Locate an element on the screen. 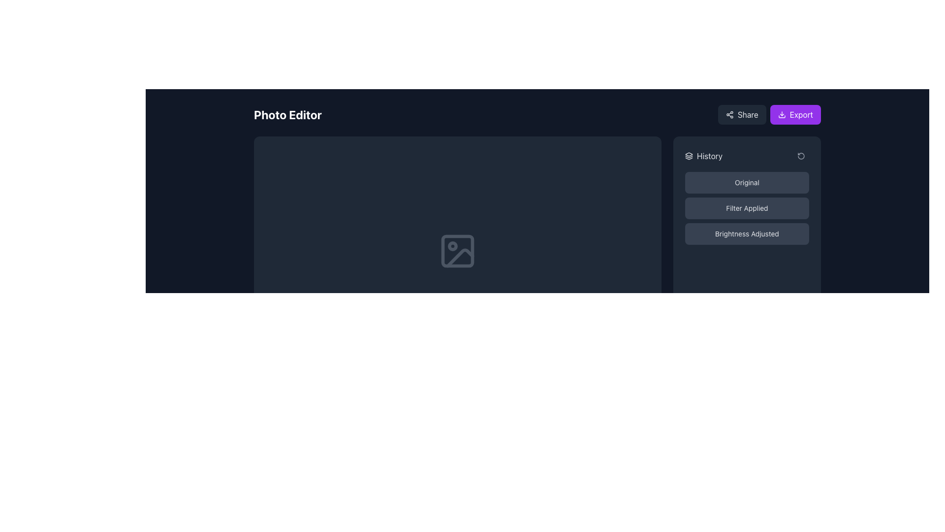  the 'Export' button, which is a rectangular button with a violet background, rounded corners, and displays a white downward arrow icon followed by the text 'Export' in bold white font, located in the top-right corner of the interface is located at coordinates (795, 114).